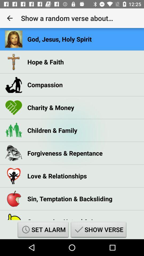  I want to click on children & family item, so click(52, 130).